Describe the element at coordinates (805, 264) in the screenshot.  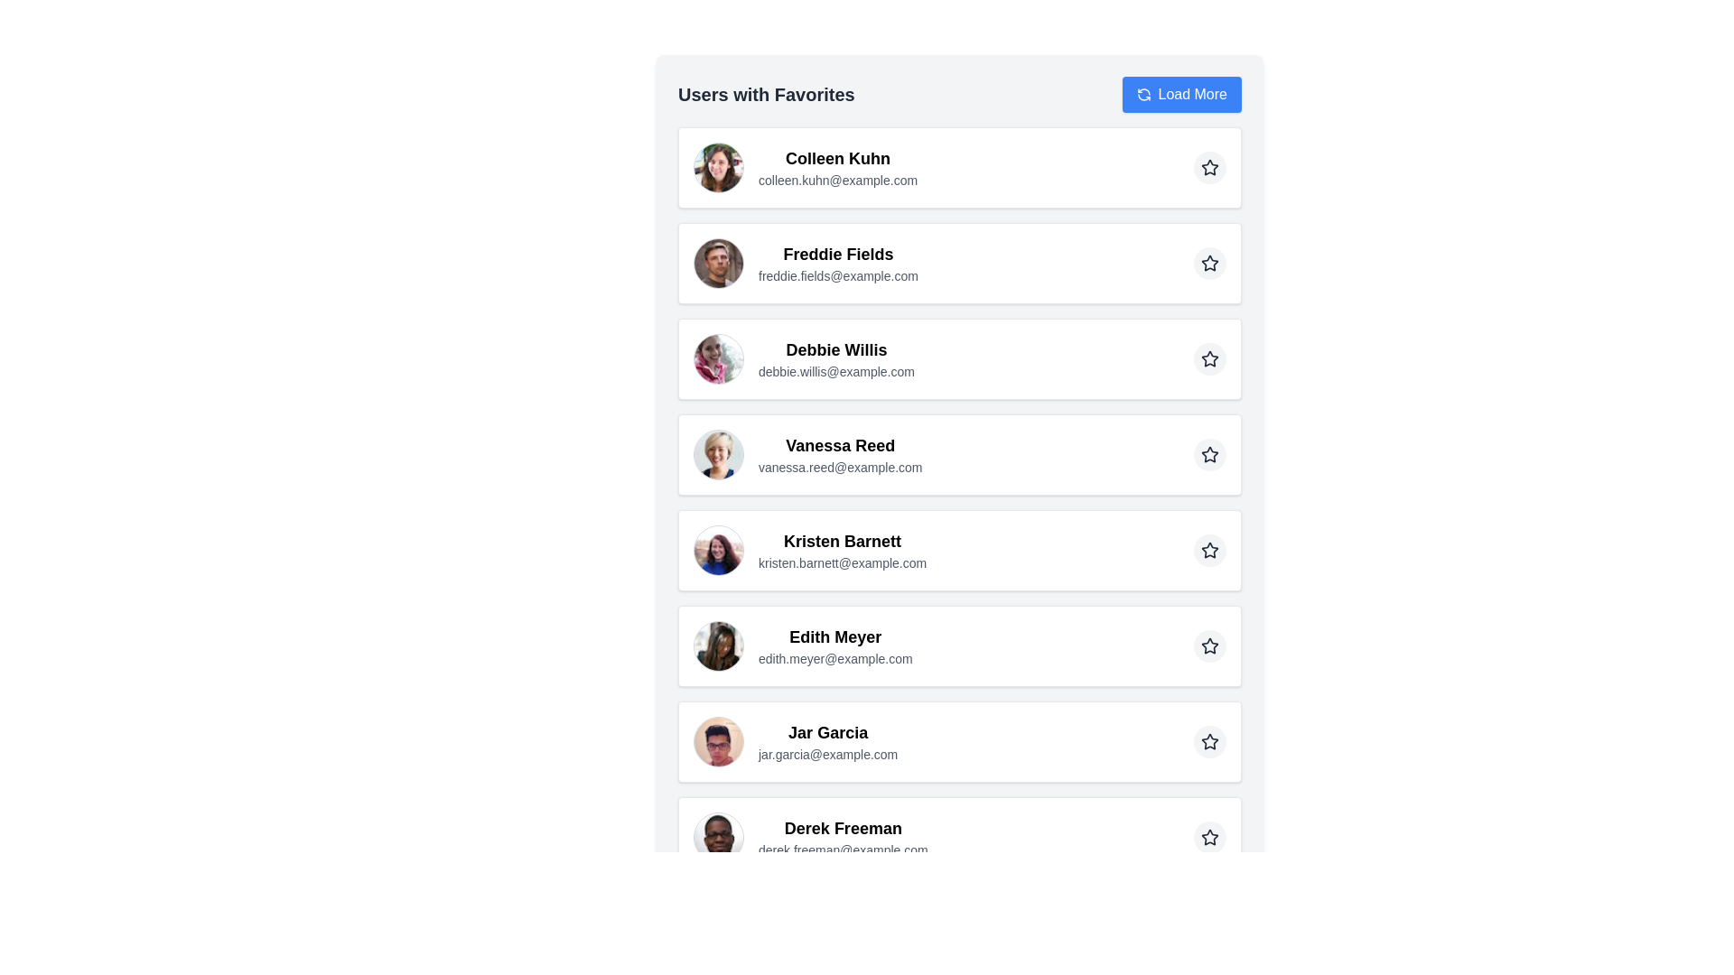
I see `the user profile summary element that displays information about a user, located directly below the entry labeled 'Colleen Kuhn.'` at that location.